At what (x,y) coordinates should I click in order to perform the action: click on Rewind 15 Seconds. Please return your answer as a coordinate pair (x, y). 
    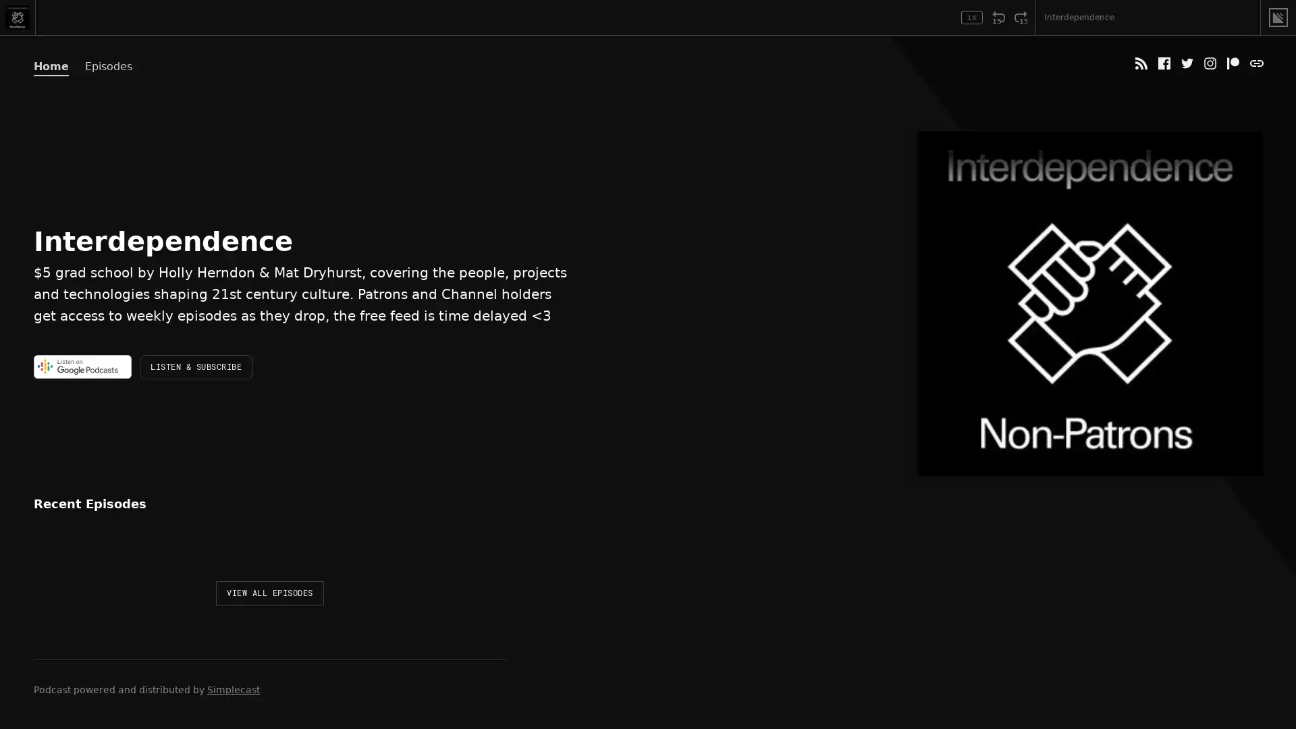
    Looking at the image, I should click on (998, 18).